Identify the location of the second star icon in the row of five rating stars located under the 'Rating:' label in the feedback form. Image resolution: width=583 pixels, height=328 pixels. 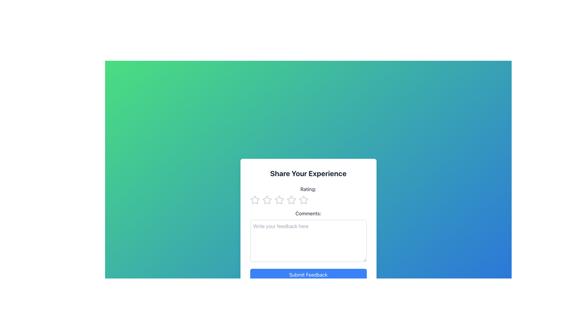
(267, 200).